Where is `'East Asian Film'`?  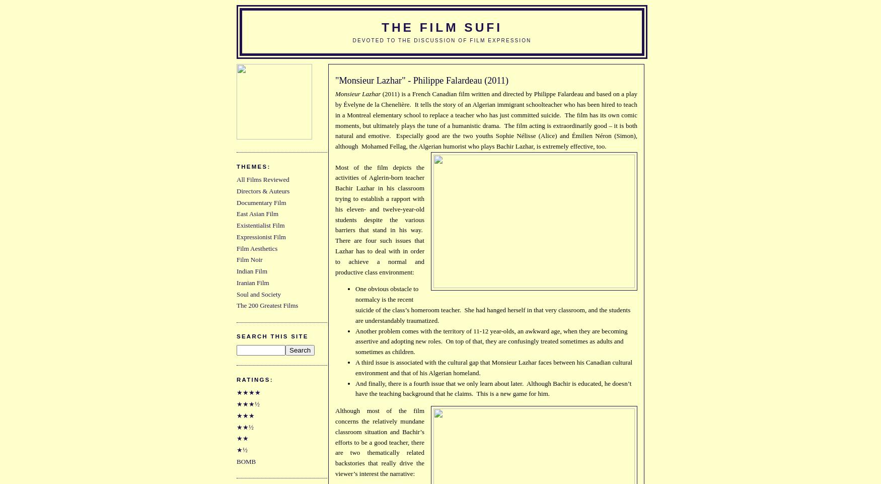 'East Asian Film' is located at coordinates (257, 214).